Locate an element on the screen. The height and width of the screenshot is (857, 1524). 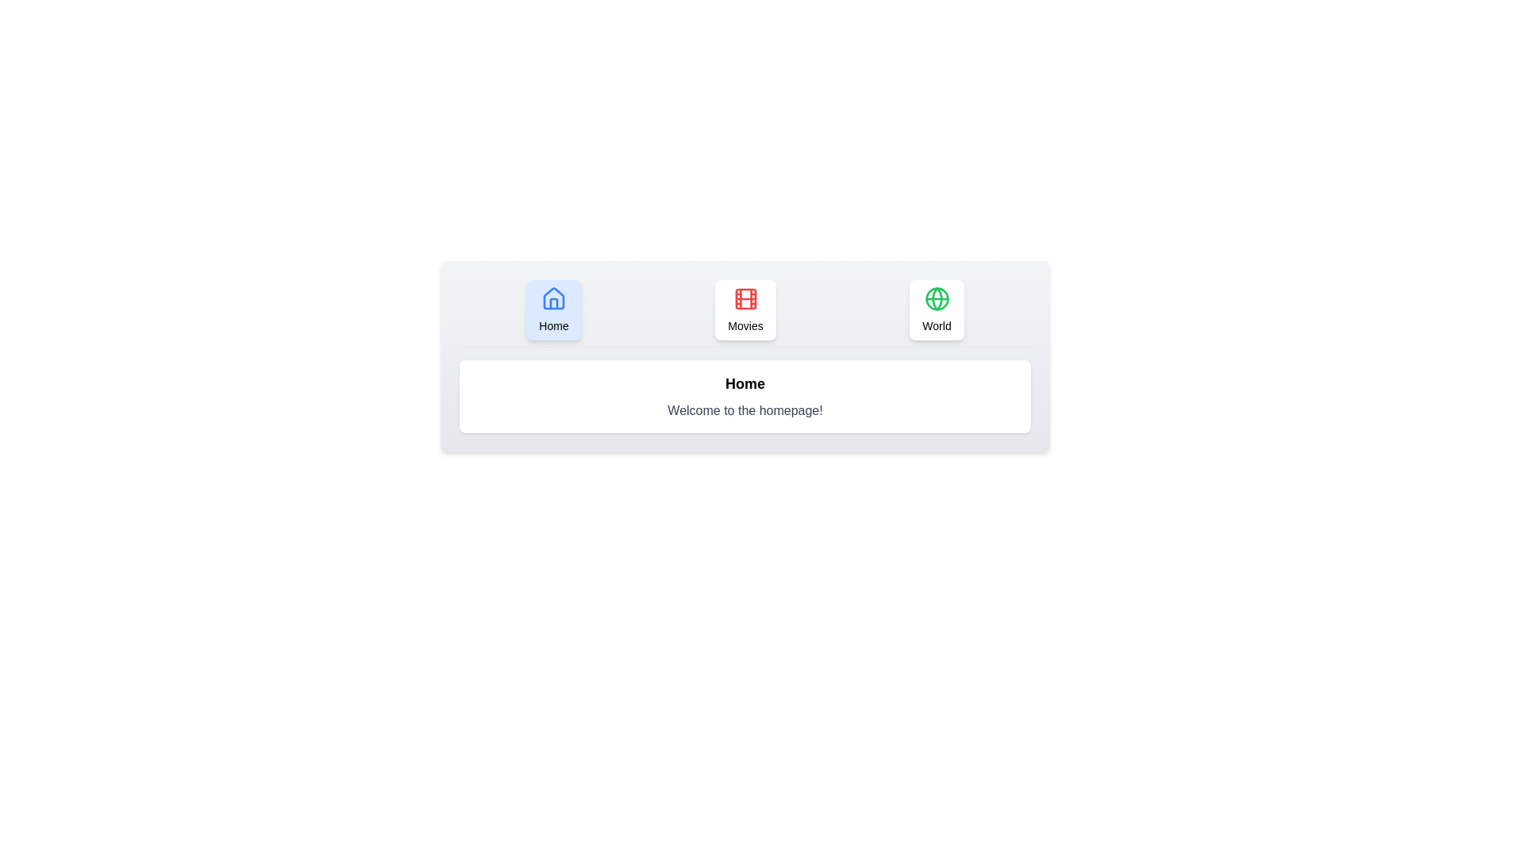
the tab labeled Home to view its content is located at coordinates (553, 309).